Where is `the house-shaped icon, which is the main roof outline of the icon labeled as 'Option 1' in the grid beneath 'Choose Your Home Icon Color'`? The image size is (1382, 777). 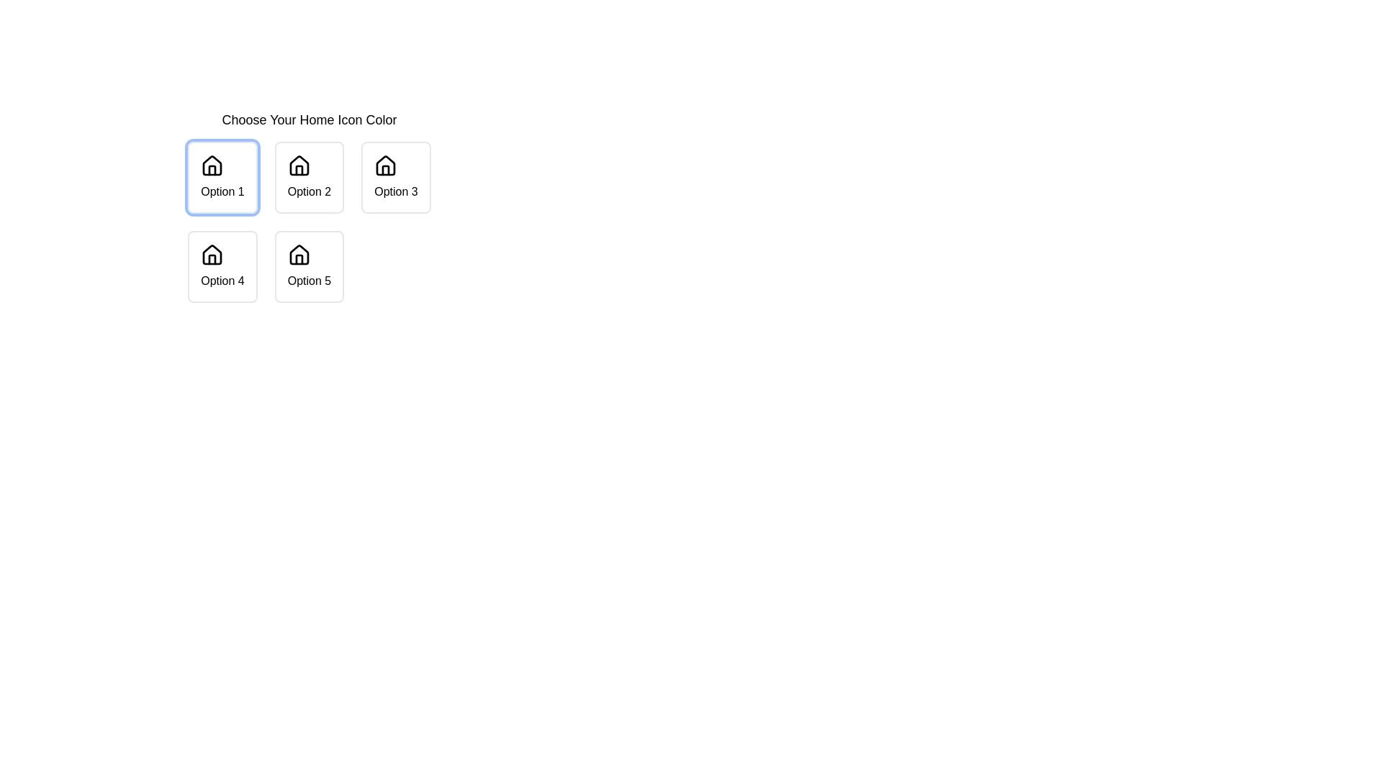
the house-shaped icon, which is the main roof outline of the icon labeled as 'Option 1' in the grid beneath 'Choose Your Home Icon Color' is located at coordinates (212, 165).